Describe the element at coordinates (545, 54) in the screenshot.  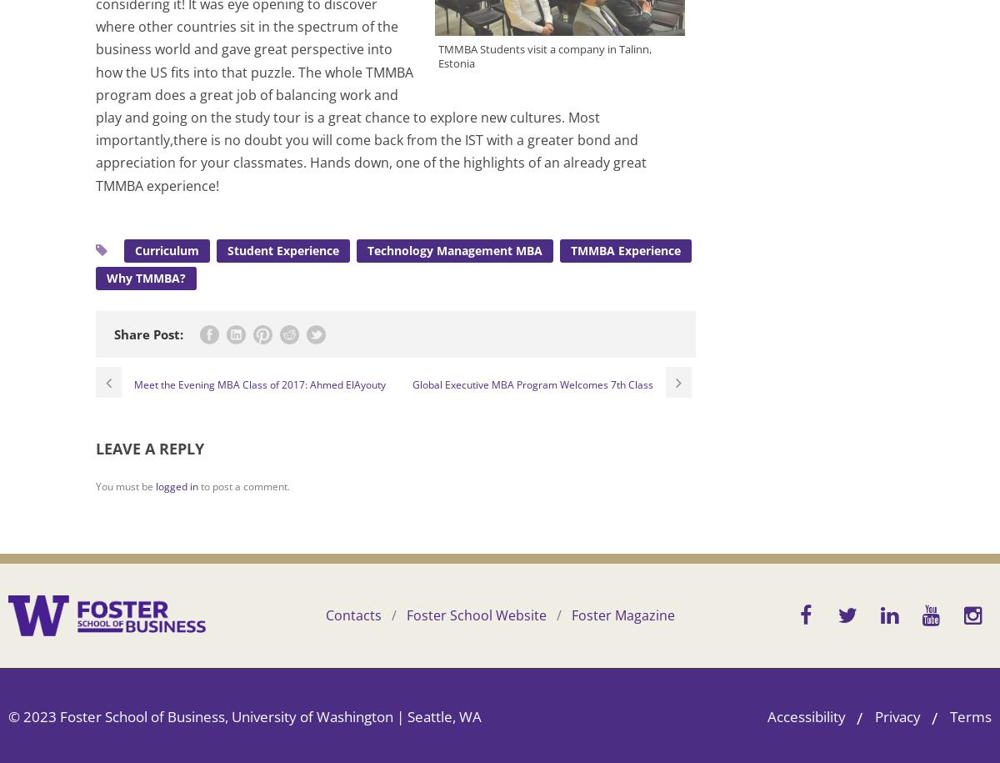
I see `'TMMBA Students visit a company in Talinn, Estonia'` at that location.